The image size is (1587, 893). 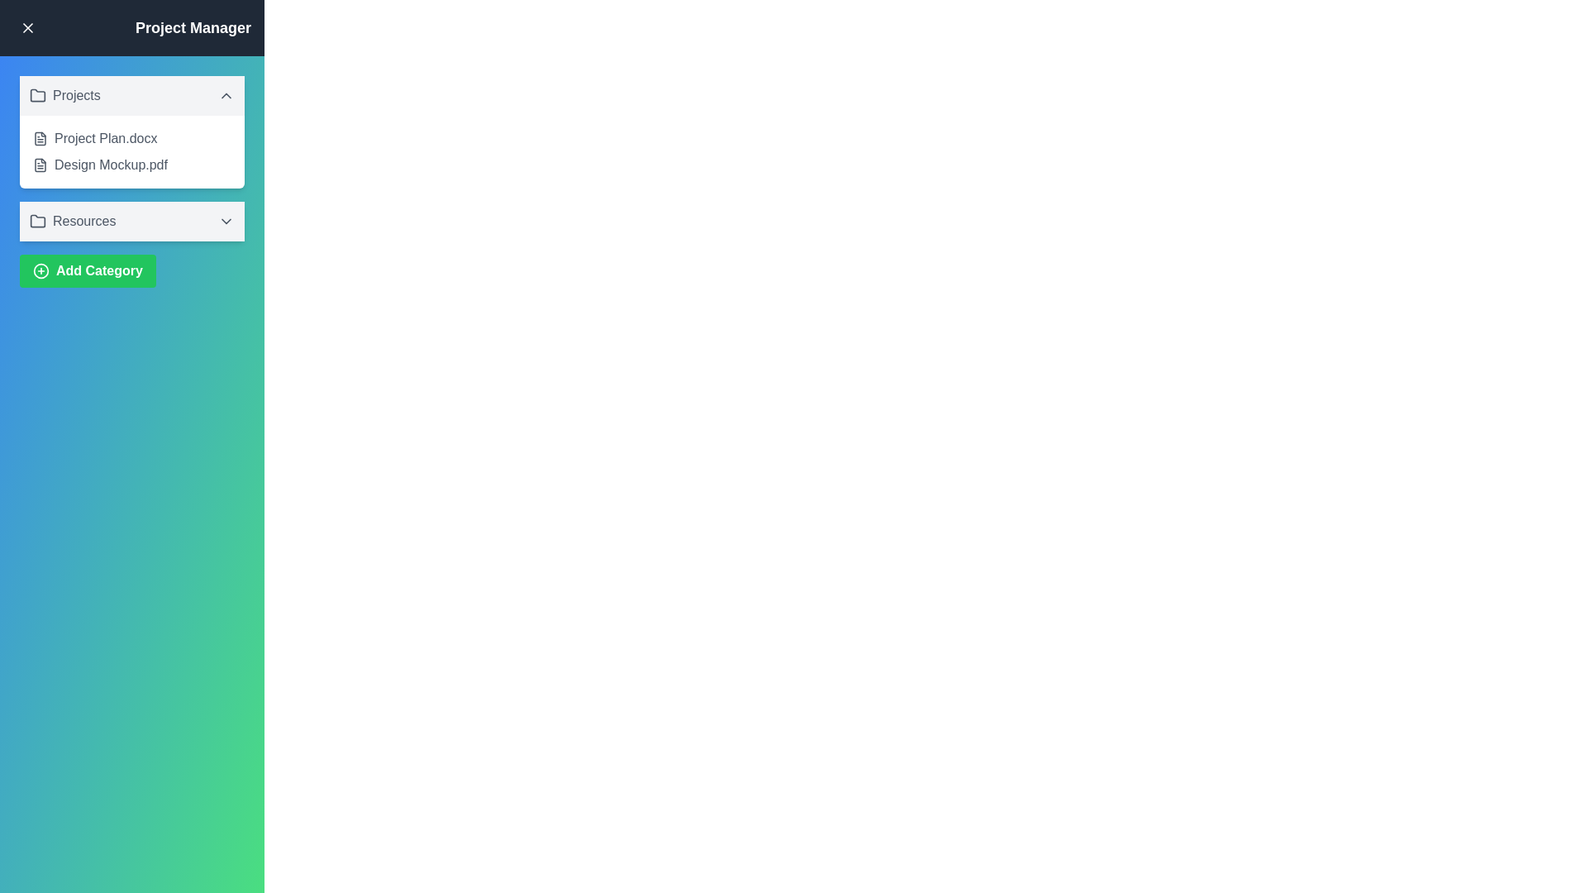 What do you see at coordinates (225, 95) in the screenshot?
I see `the upward-pointing chevron icon located to the right of the 'Projects' section header in the sidebar` at bounding box center [225, 95].